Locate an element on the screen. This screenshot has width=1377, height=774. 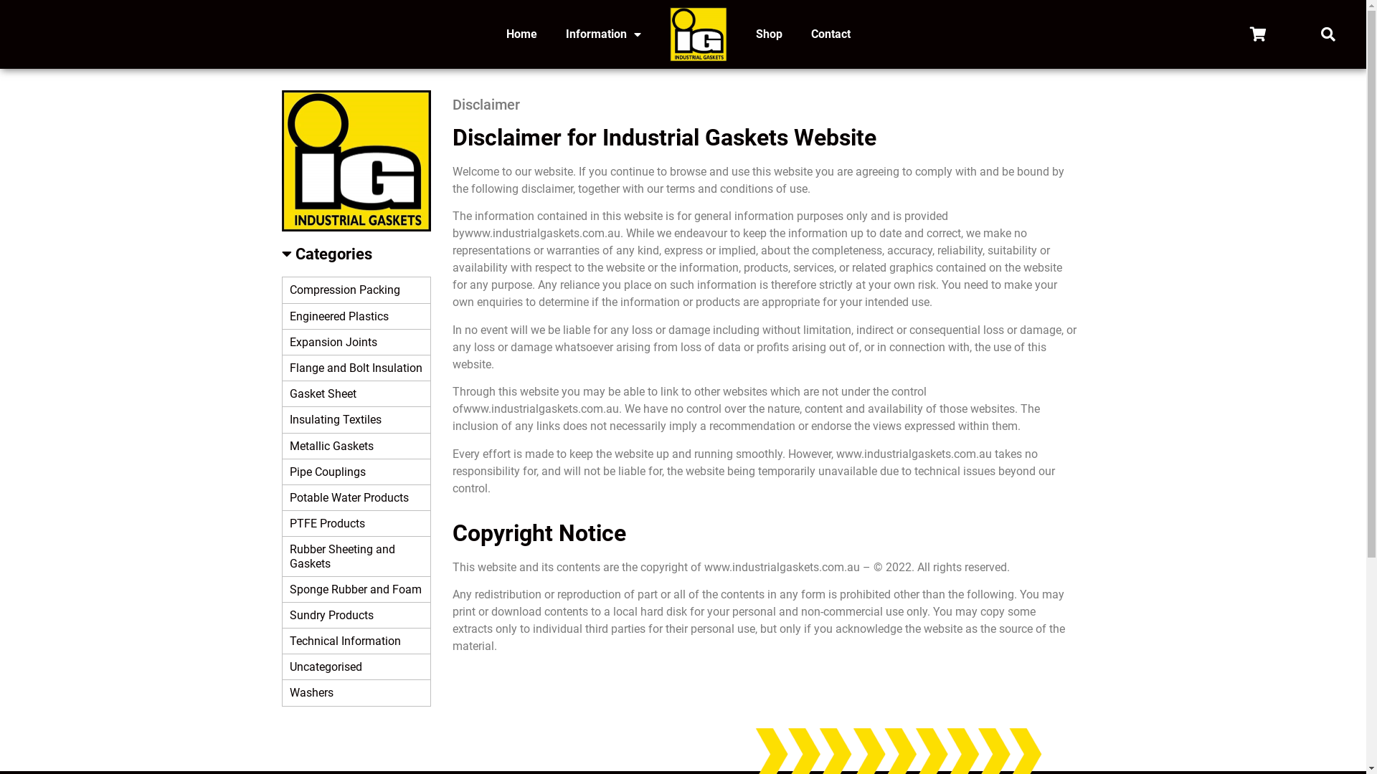
'Compression Packing' is located at coordinates (282, 290).